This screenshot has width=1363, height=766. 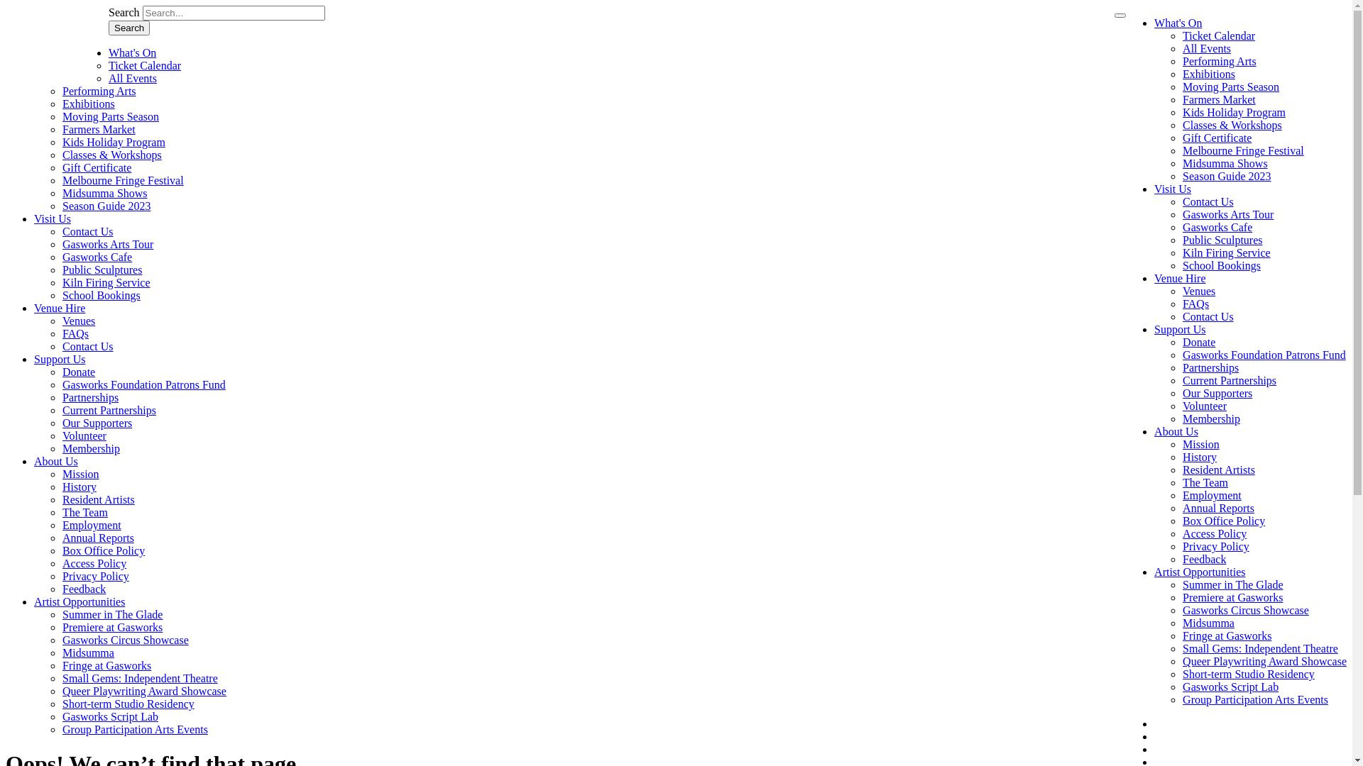 What do you see at coordinates (1222, 521) in the screenshot?
I see `'Box Office Policy'` at bounding box center [1222, 521].